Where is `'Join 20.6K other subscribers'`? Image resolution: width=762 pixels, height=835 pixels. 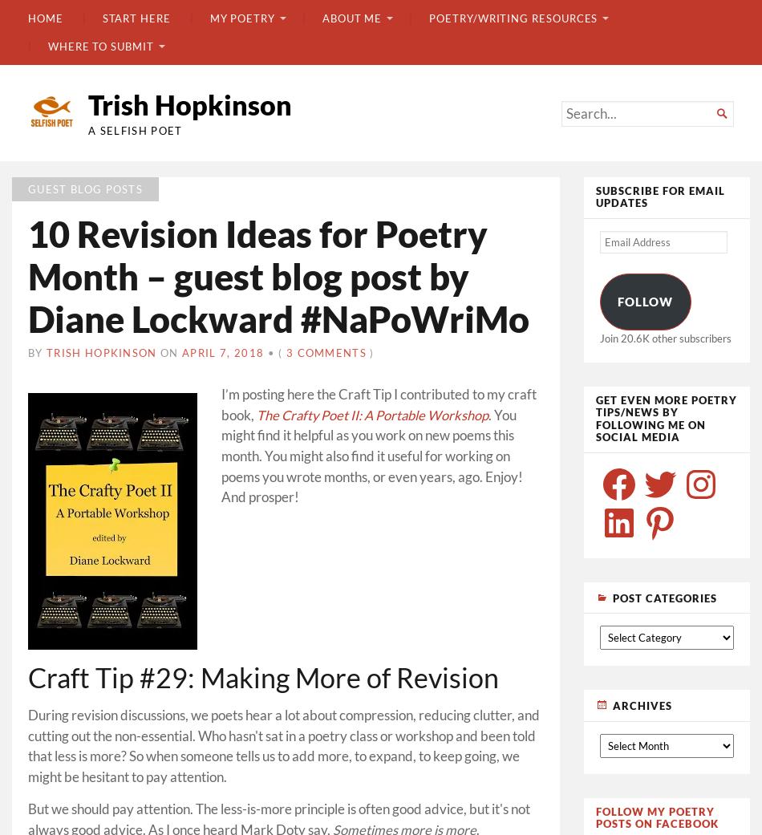
'Join 20.6K other subscribers' is located at coordinates (663, 336).